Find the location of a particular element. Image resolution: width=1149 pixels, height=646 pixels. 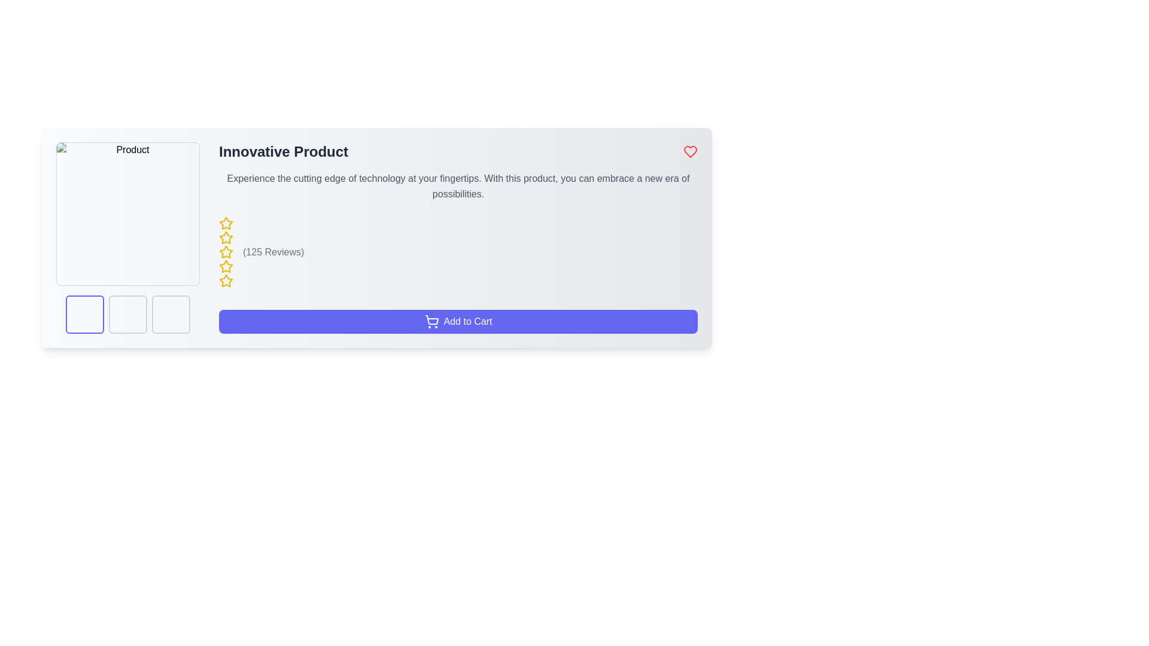

the text label displaying '(125 Reviews)' which is located next to the fourth star icon in a vertical row of five stars is located at coordinates (273, 251).